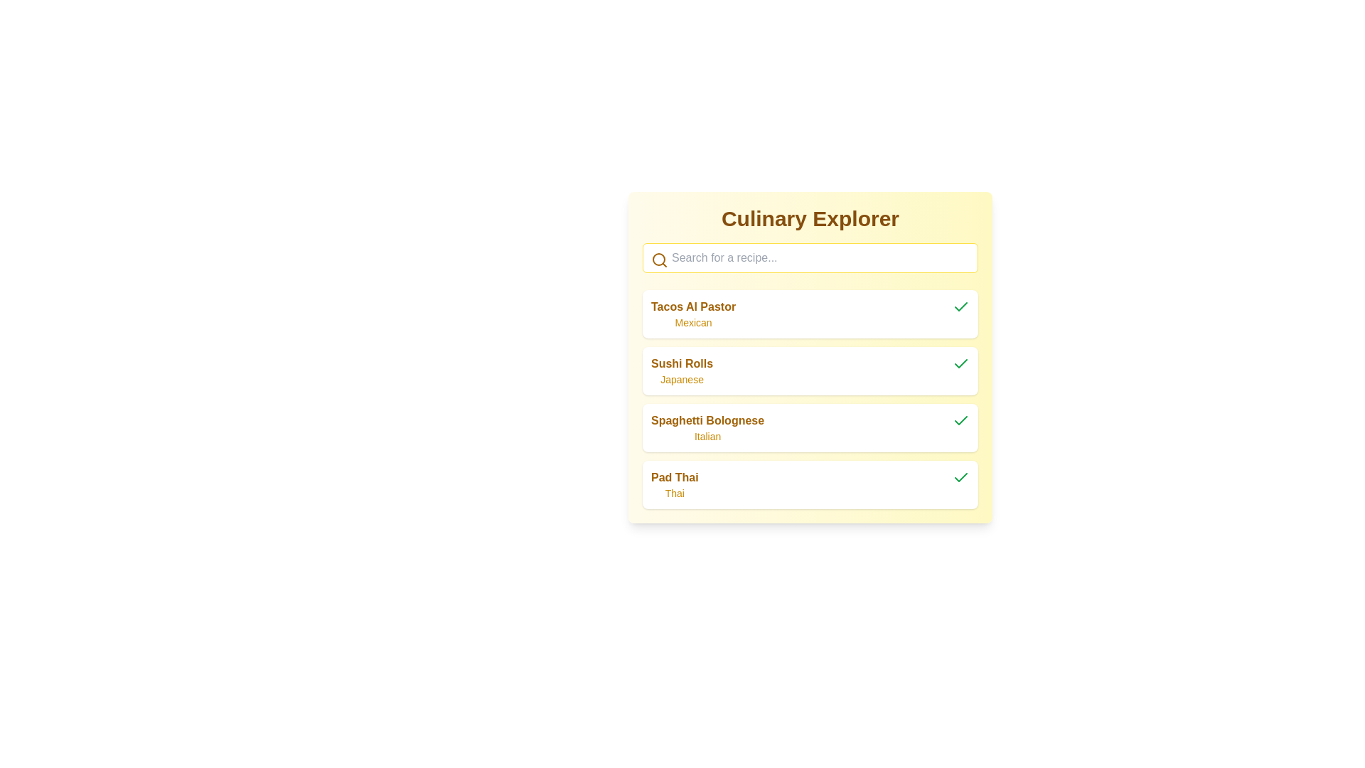 Image resolution: width=1365 pixels, height=768 pixels. I want to click on the text label indicating the type or origin related to the 'Pad Thai' item, which is placed directly below the heading 'Pad Thai' in the lower part of the list, so click(674, 493).